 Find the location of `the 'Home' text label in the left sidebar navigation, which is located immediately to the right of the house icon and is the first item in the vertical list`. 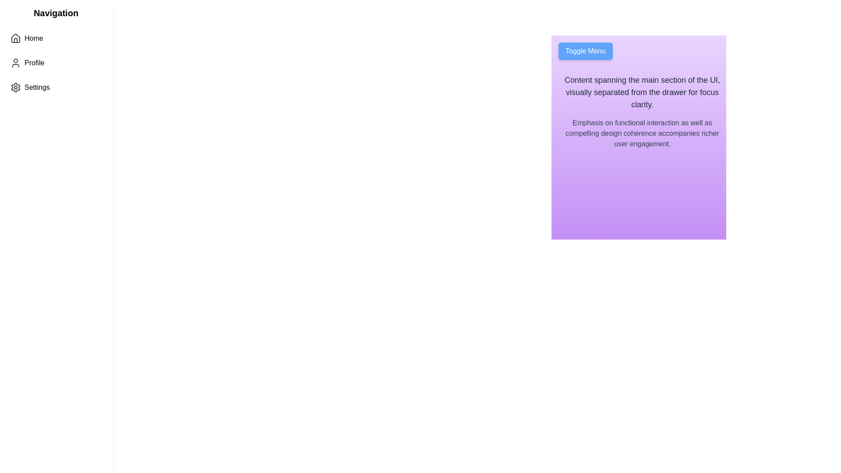

the 'Home' text label in the left sidebar navigation, which is located immediately to the right of the house icon and is the first item in the vertical list is located at coordinates (34, 38).